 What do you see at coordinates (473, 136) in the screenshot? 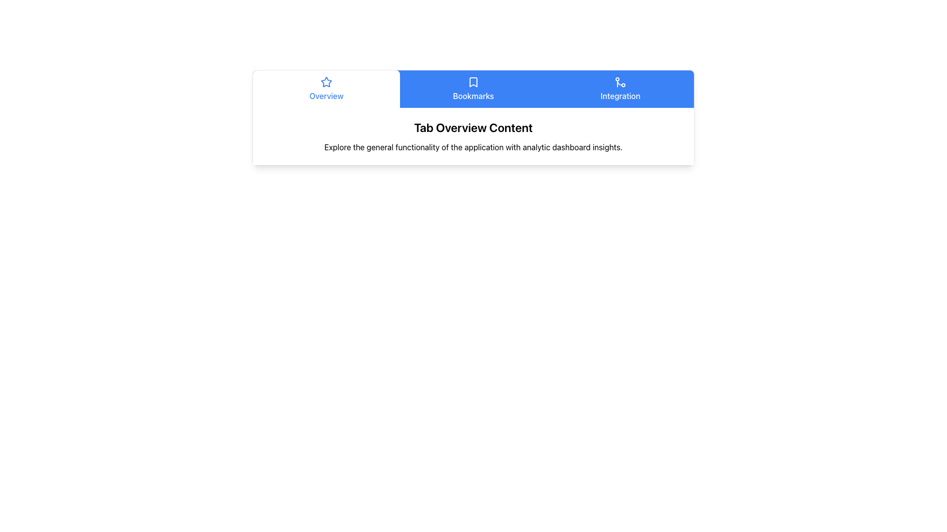
I see `the Information Card located in the center of a white card section below the navigation bar, which provides an overview and introductory information about the application's general functionality` at bounding box center [473, 136].